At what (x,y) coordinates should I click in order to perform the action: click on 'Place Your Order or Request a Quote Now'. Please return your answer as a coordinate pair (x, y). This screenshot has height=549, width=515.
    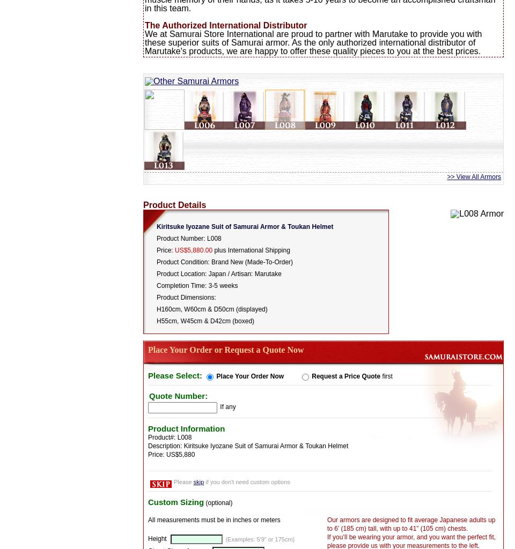
    Looking at the image, I should click on (225, 349).